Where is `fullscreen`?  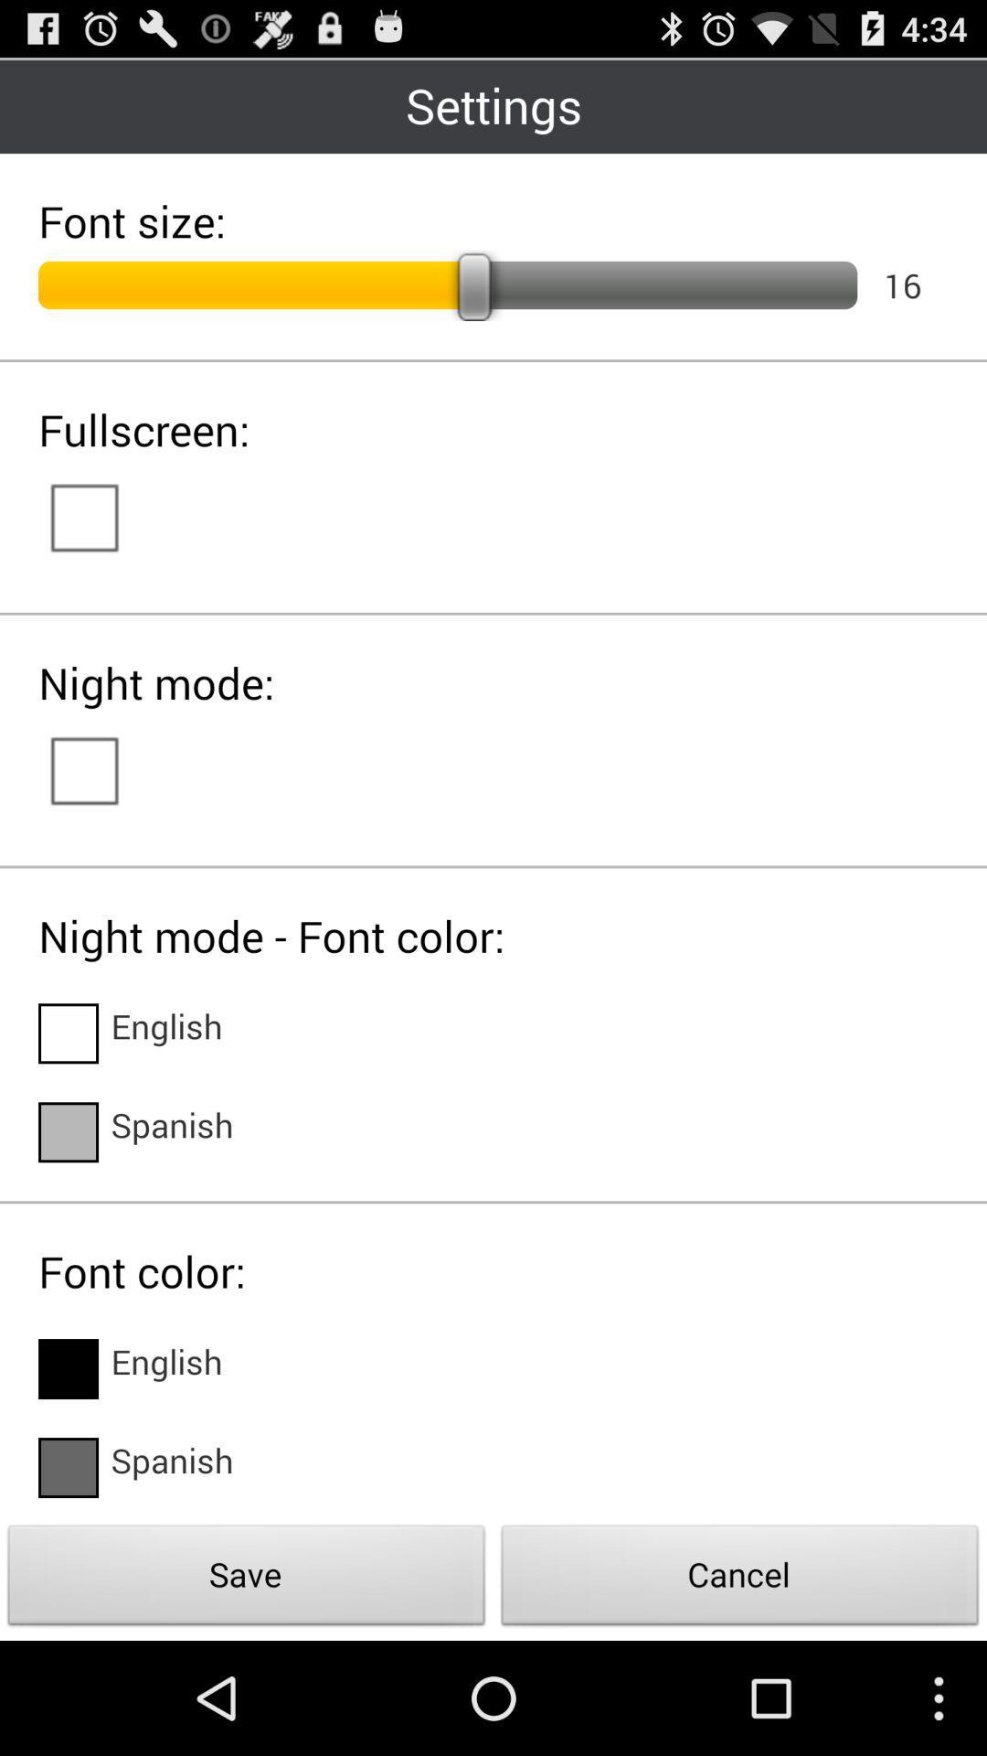 fullscreen is located at coordinates (102, 515).